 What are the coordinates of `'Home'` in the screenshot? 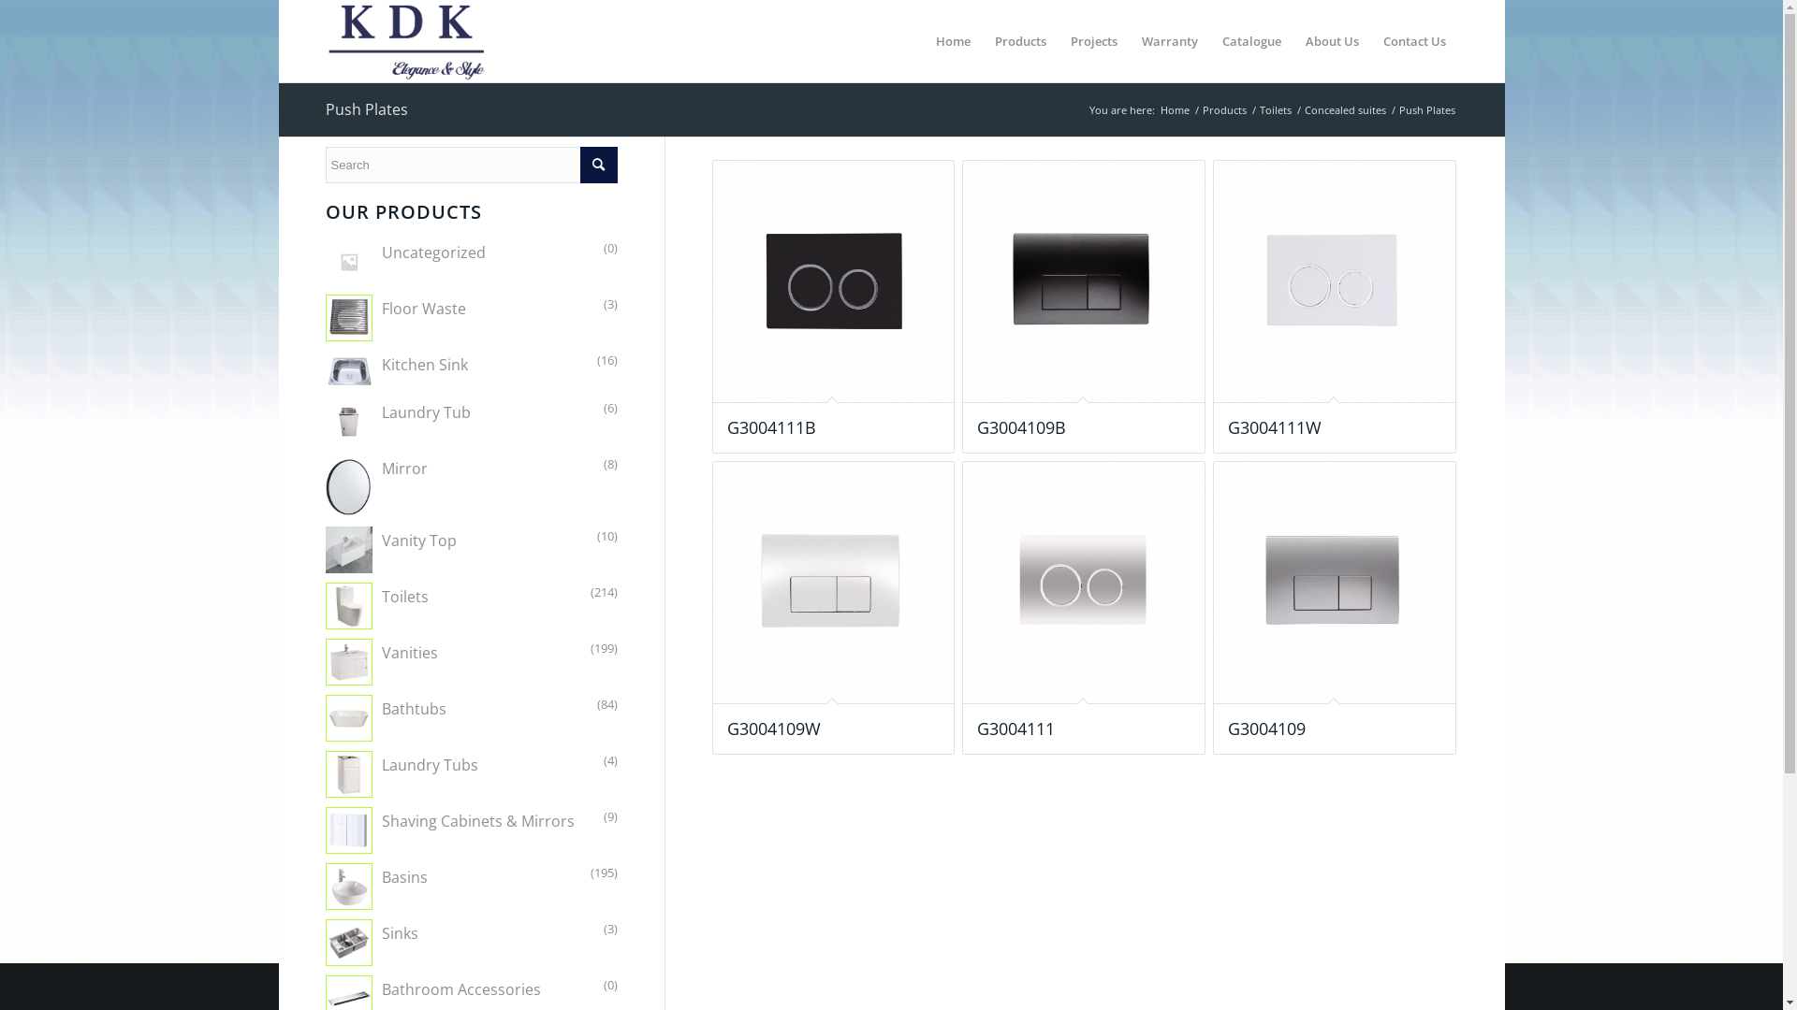 It's located at (1156, 109).